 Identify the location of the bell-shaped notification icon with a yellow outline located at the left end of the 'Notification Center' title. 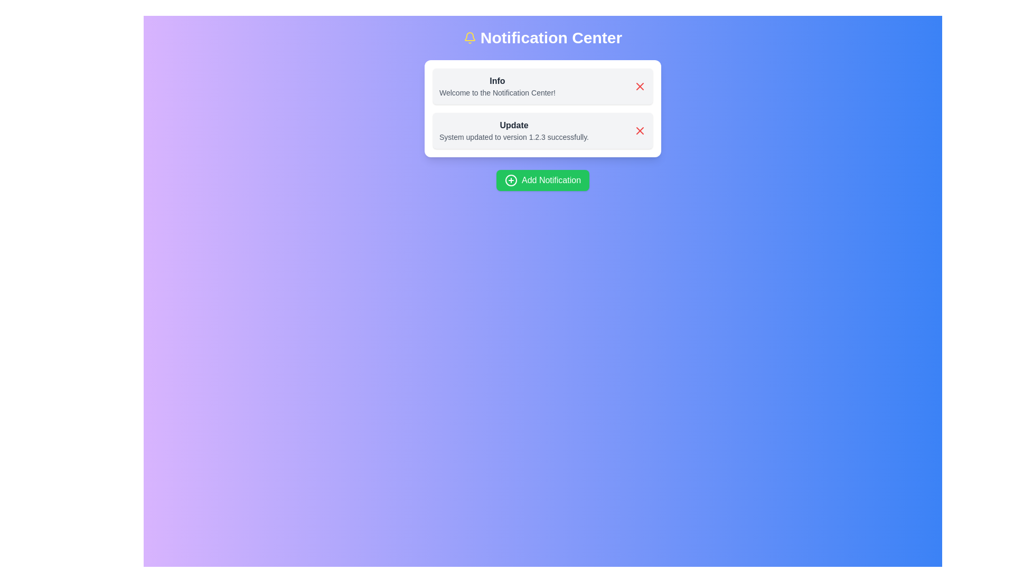
(469, 37).